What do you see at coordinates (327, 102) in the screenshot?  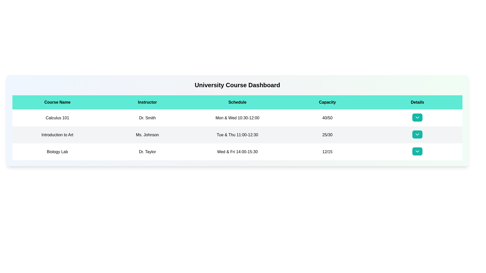 I see `the 'Capacity' text label in bold black font located in the fourth column of the table header, which has a light teal background` at bounding box center [327, 102].